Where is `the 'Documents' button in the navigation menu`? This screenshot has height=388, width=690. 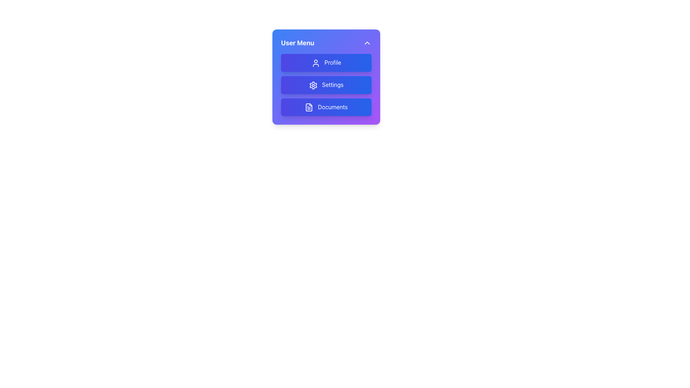
the 'Documents' button in the navigation menu is located at coordinates (326, 107).